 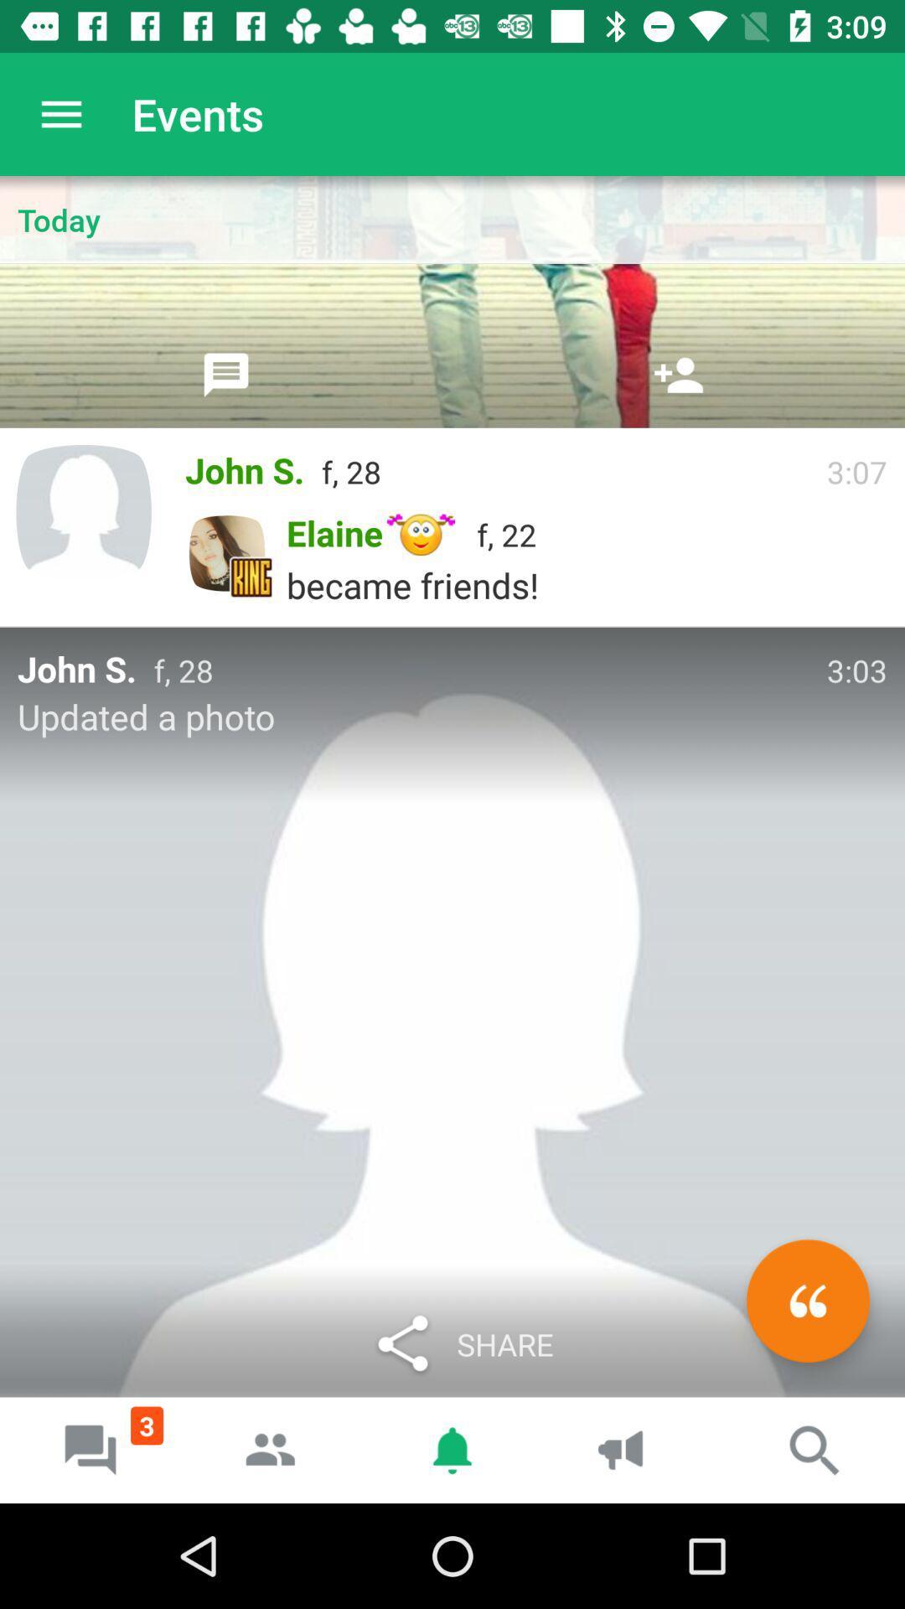 What do you see at coordinates (807, 1300) in the screenshot?
I see `the icon to the right of share` at bounding box center [807, 1300].